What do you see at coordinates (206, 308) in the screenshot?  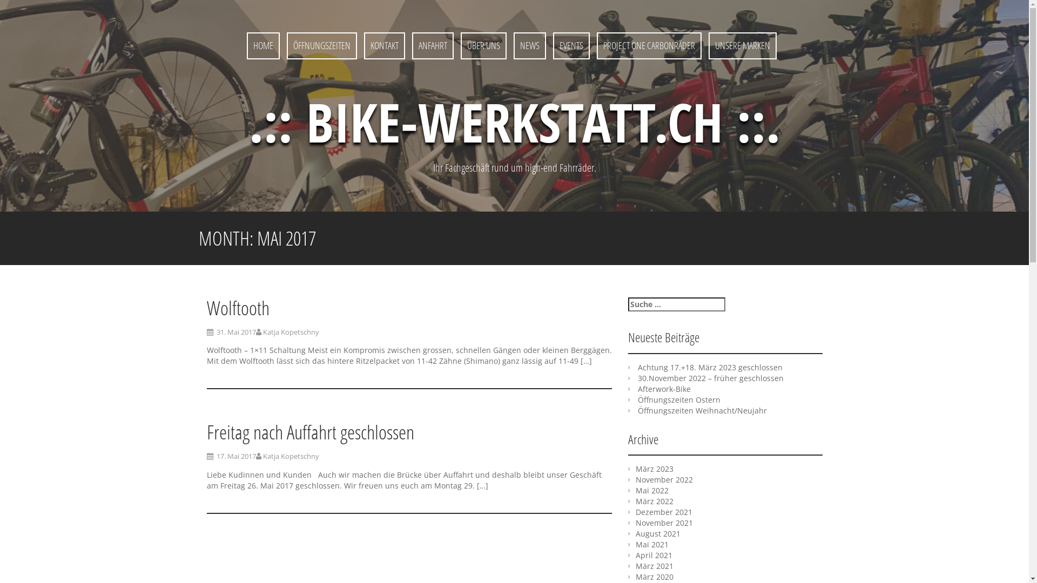 I see `'Wolftooth'` at bounding box center [206, 308].